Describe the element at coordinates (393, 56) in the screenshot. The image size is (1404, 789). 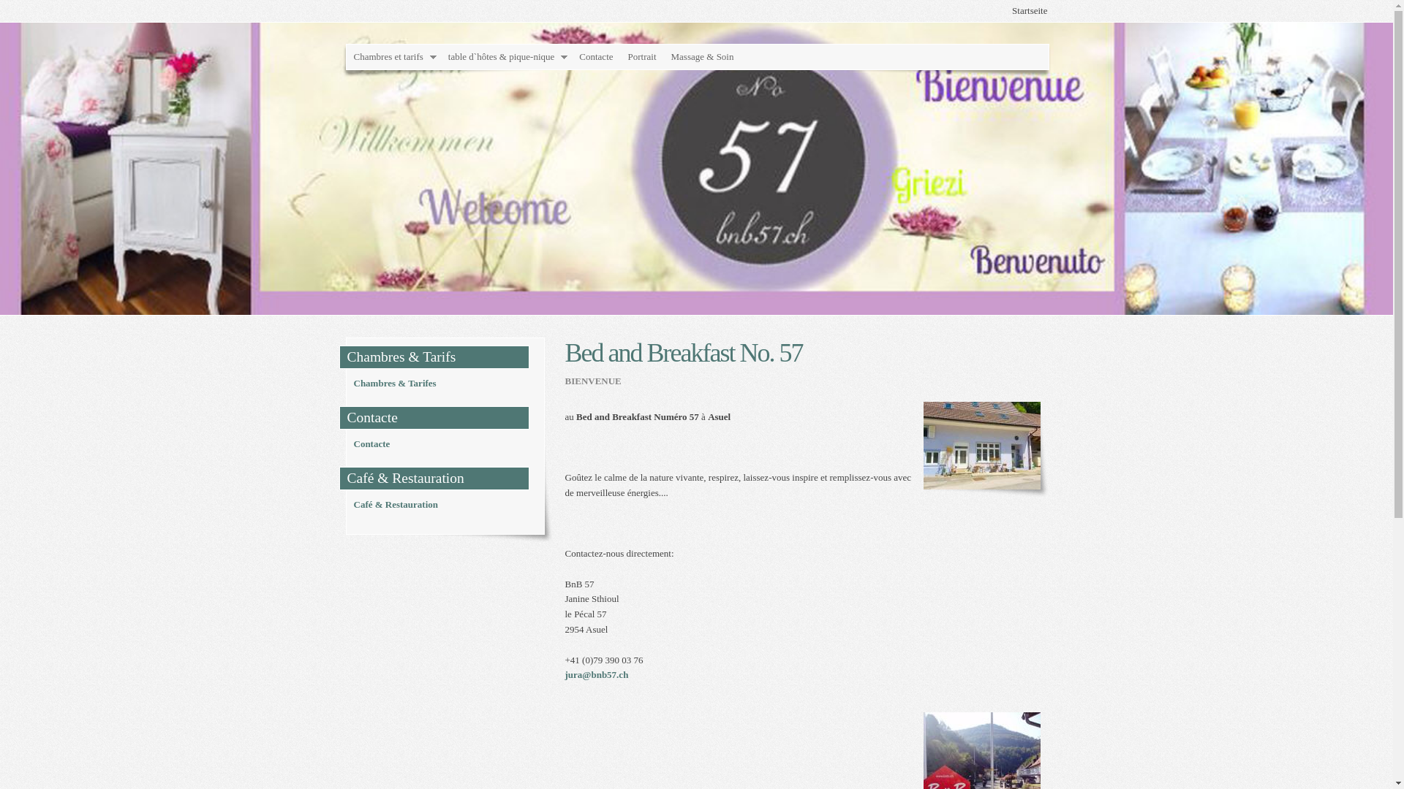
I see `'Chambres et tarifs'` at that location.